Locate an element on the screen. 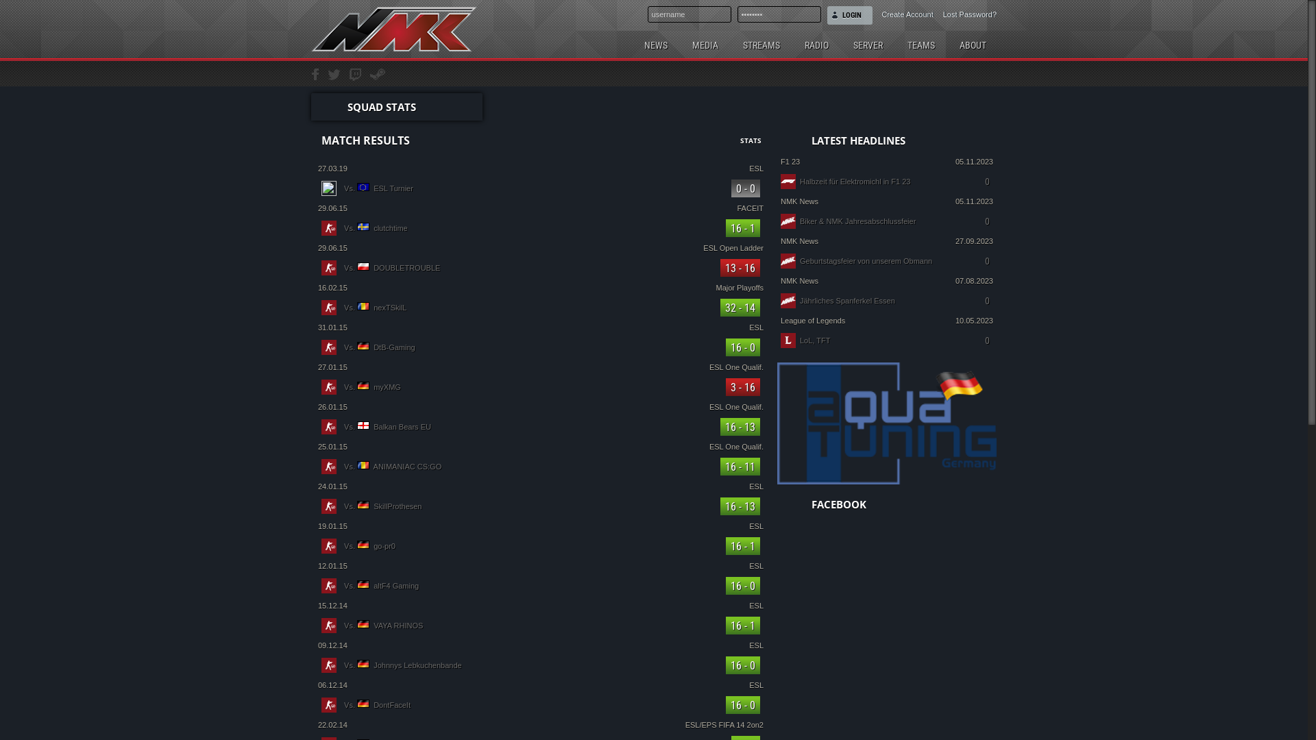  'Lost Password?' is located at coordinates (964, 12).